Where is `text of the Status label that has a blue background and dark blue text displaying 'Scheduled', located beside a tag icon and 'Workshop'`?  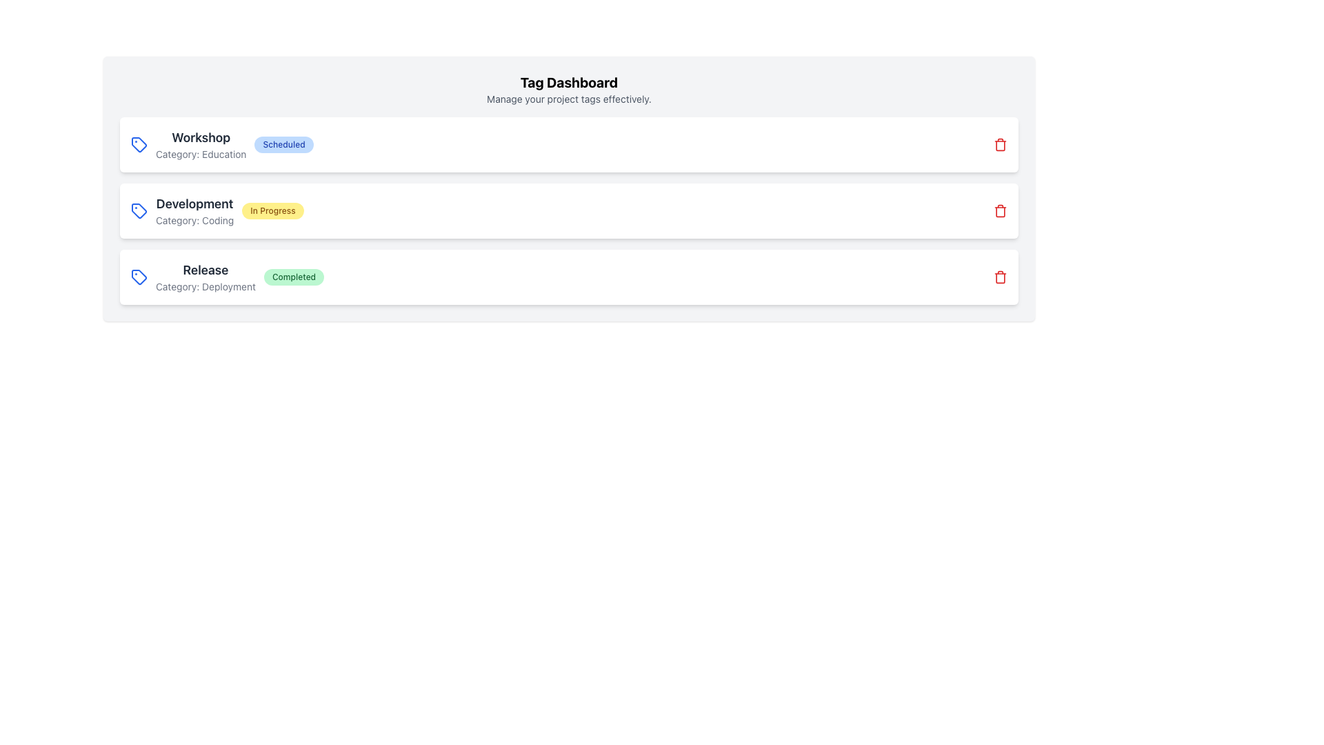
text of the Status label that has a blue background and dark blue text displaying 'Scheduled', located beside a tag icon and 'Workshop' is located at coordinates (283, 144).